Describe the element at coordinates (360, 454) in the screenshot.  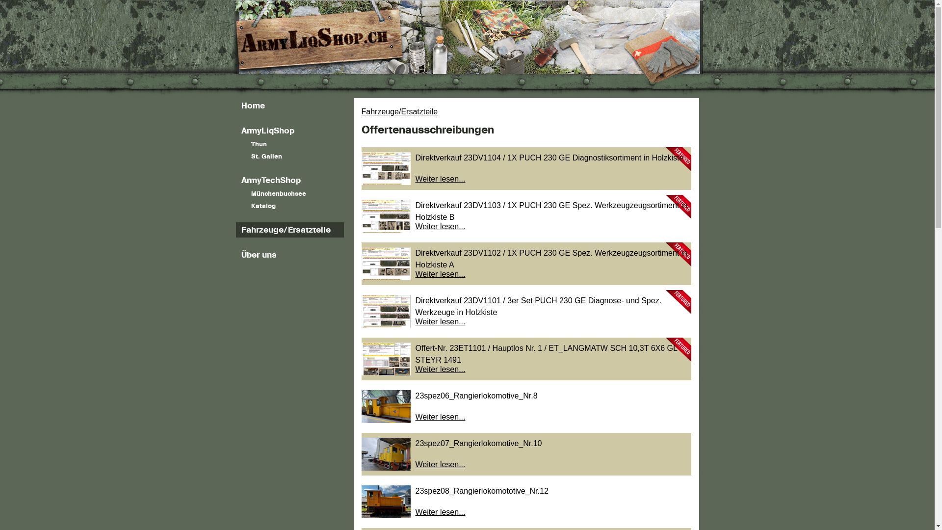
I see `'23spez07_Rangierlokomotive_Nr.10` at that location.